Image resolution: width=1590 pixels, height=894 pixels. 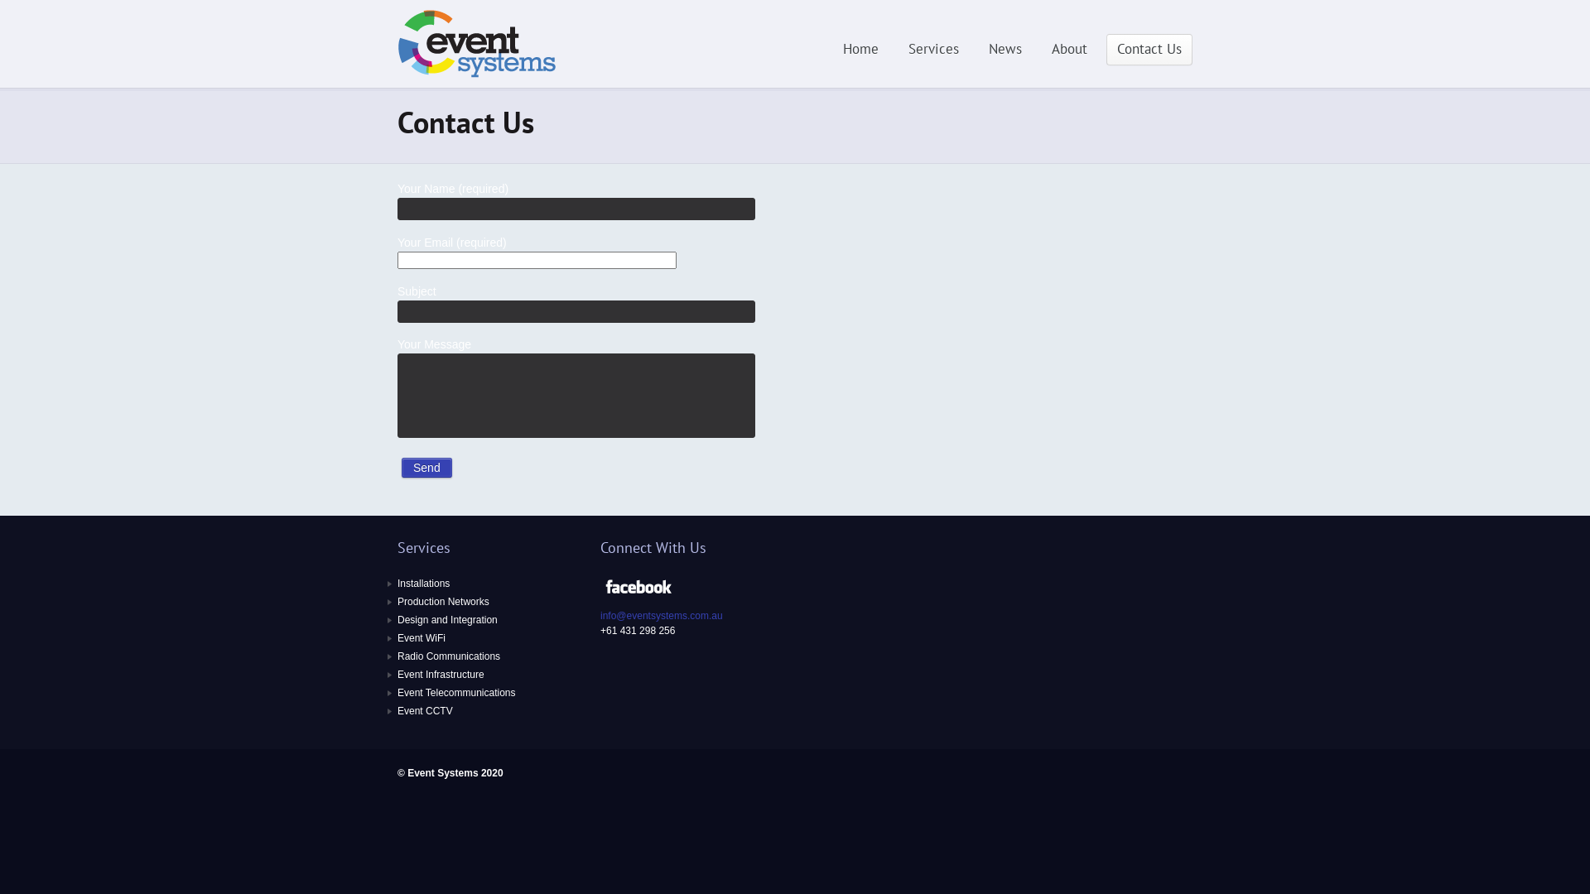 What do you see at coordinates (449, 656) in the screenshot?
I see `'Radio Communications'` at bounding box center [449, 656].